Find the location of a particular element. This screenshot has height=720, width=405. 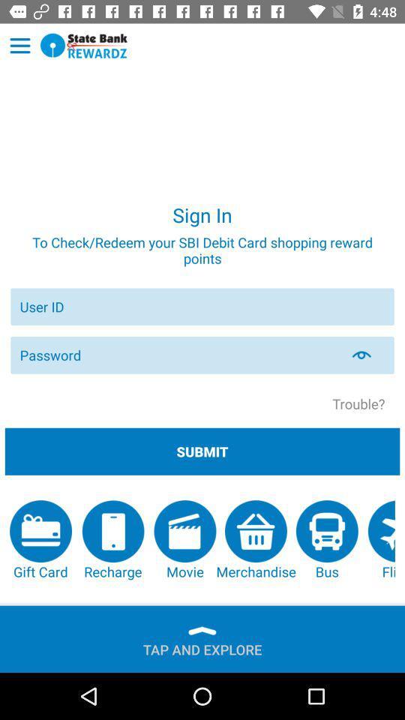

item to the right of movie is located at coordinates (255, 540).